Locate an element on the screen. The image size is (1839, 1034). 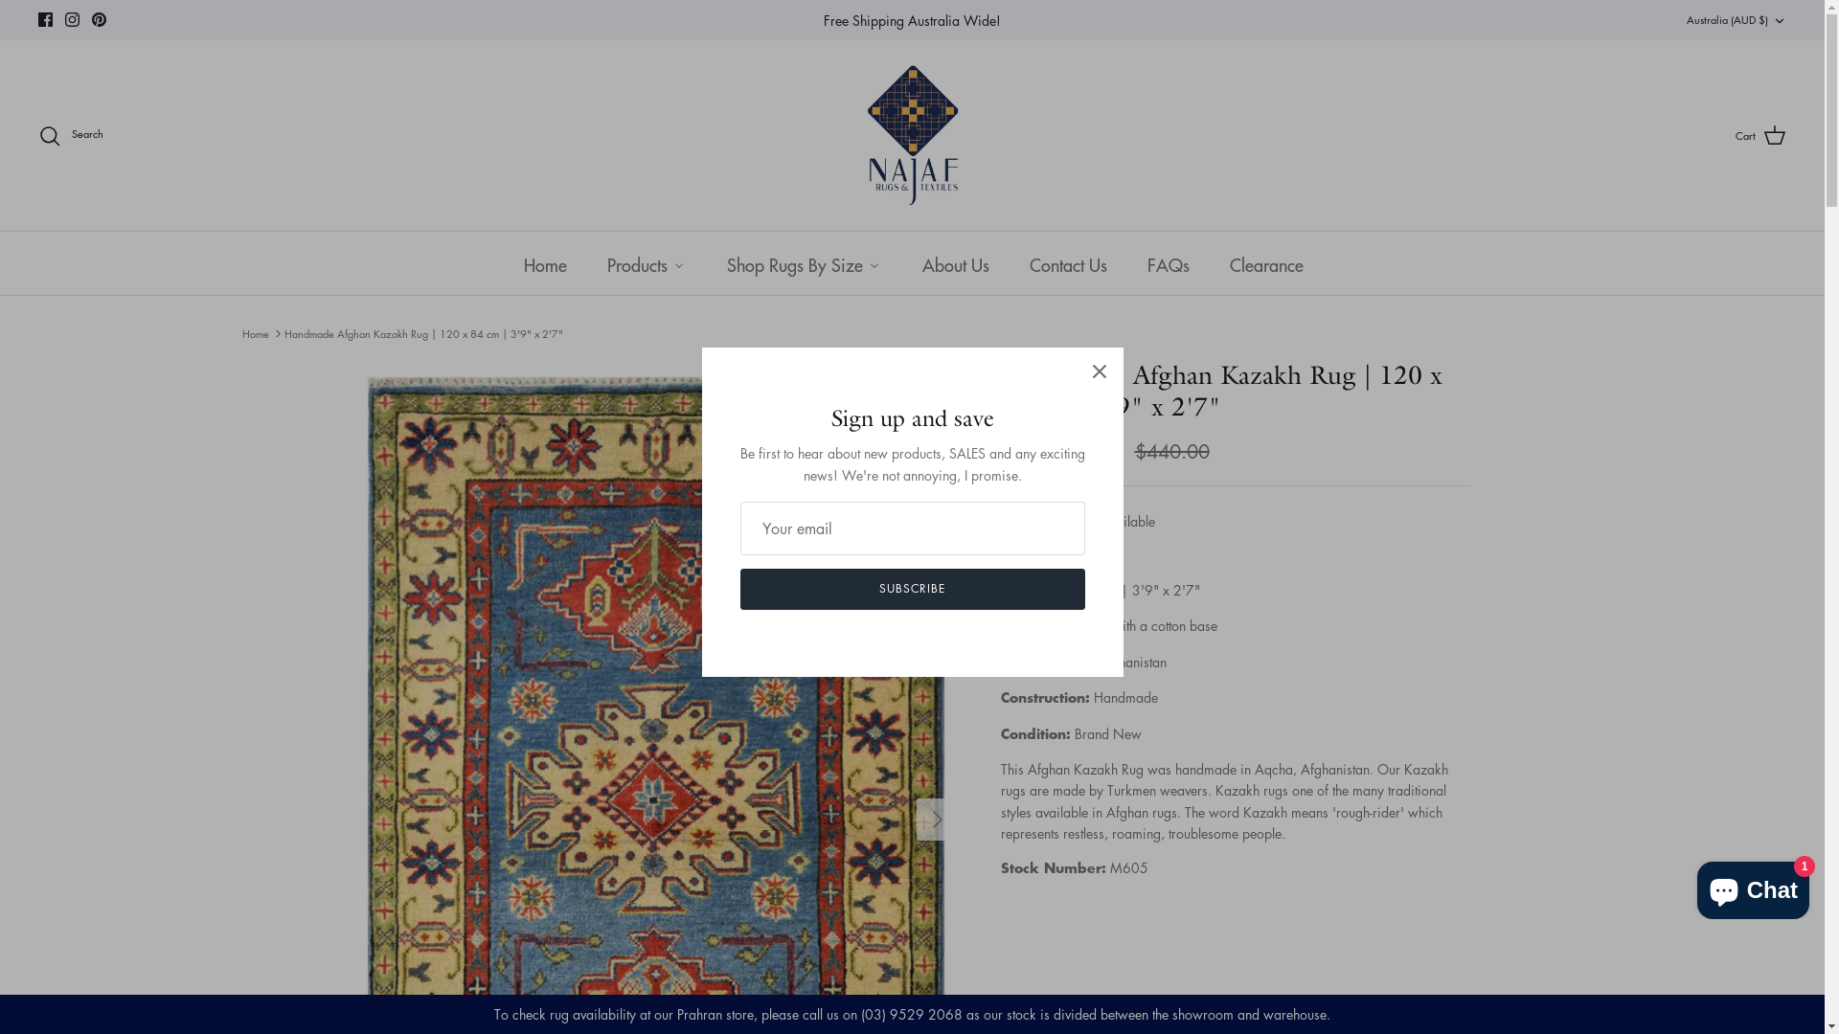
'Contact Us' is located at coordinates (1065, 262).